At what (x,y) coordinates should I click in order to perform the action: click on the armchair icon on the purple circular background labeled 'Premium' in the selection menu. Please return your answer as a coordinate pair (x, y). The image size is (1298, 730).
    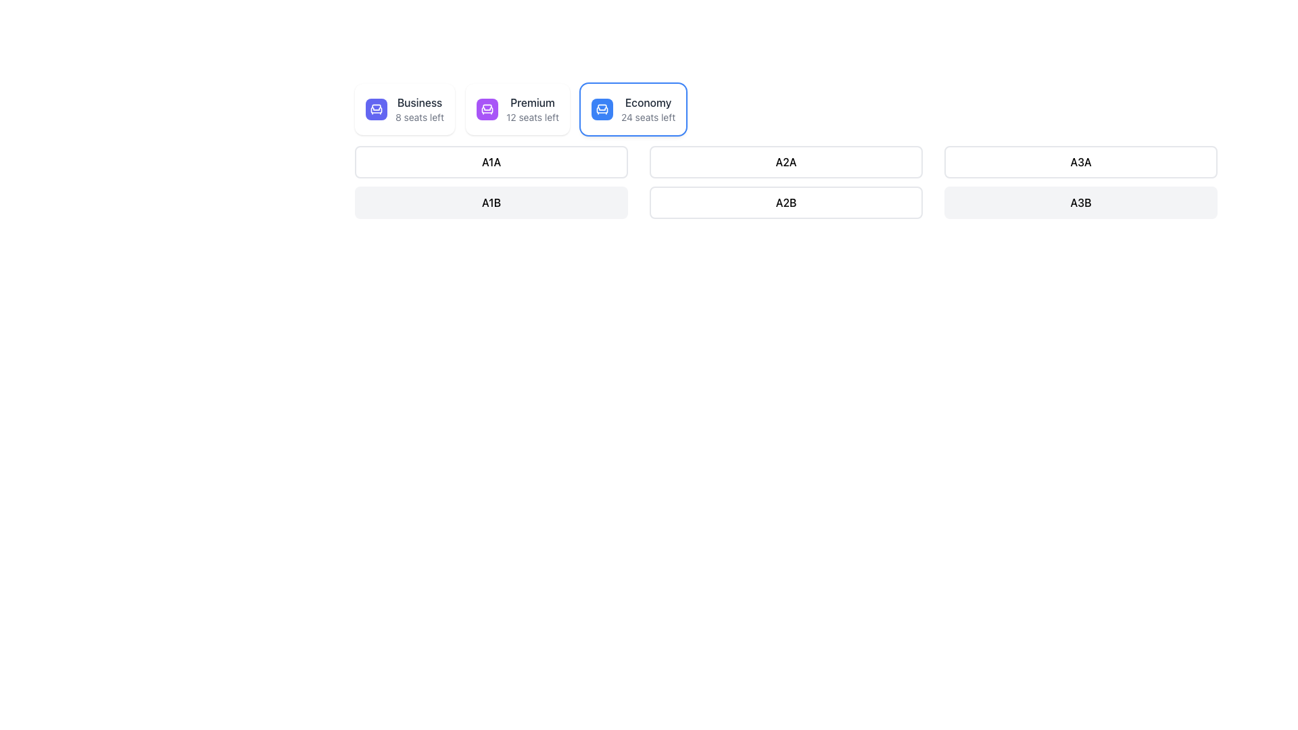
    Looking at the image, I should click on (487, 109).